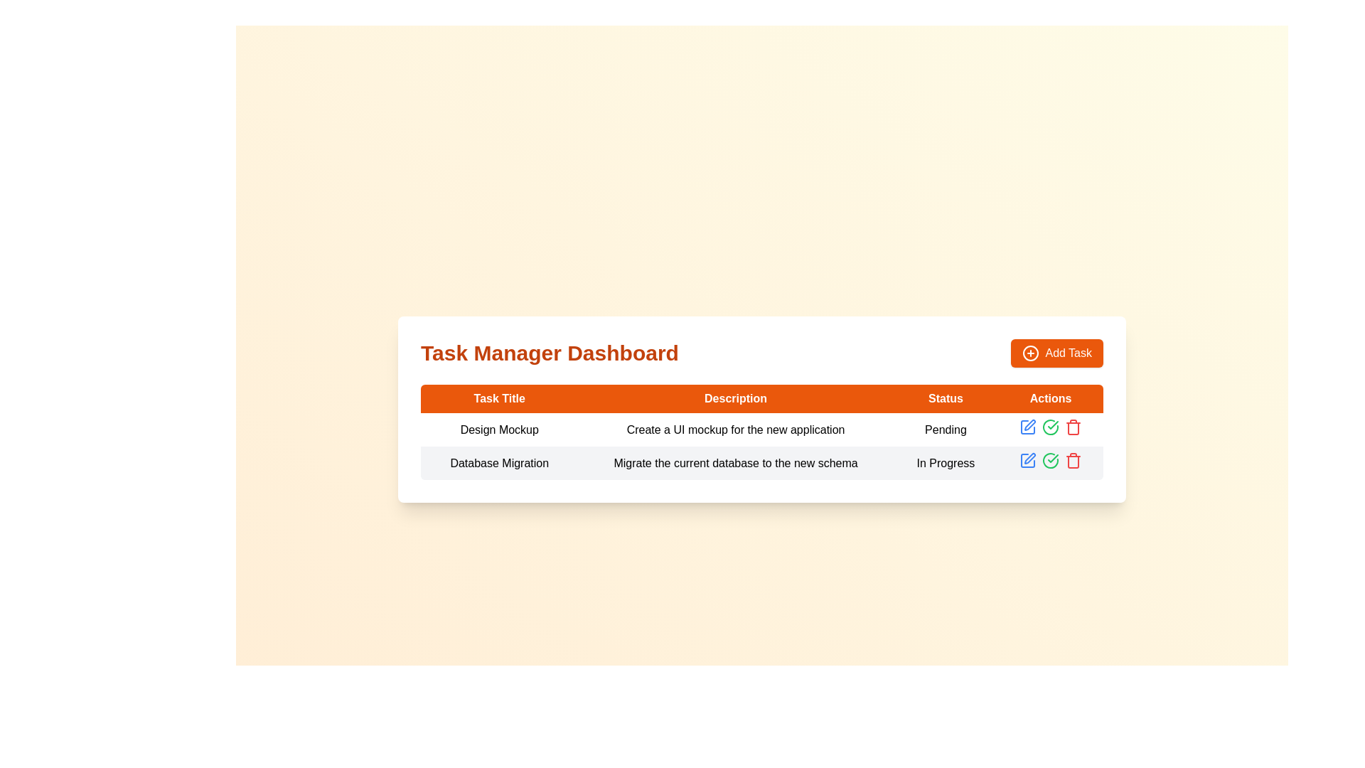 Image resolution: width=1365 pixels, height=768 pixels. I want to click on the pen icon located in the 'Actions' column of the second row of the task list, so click(1030, 424).